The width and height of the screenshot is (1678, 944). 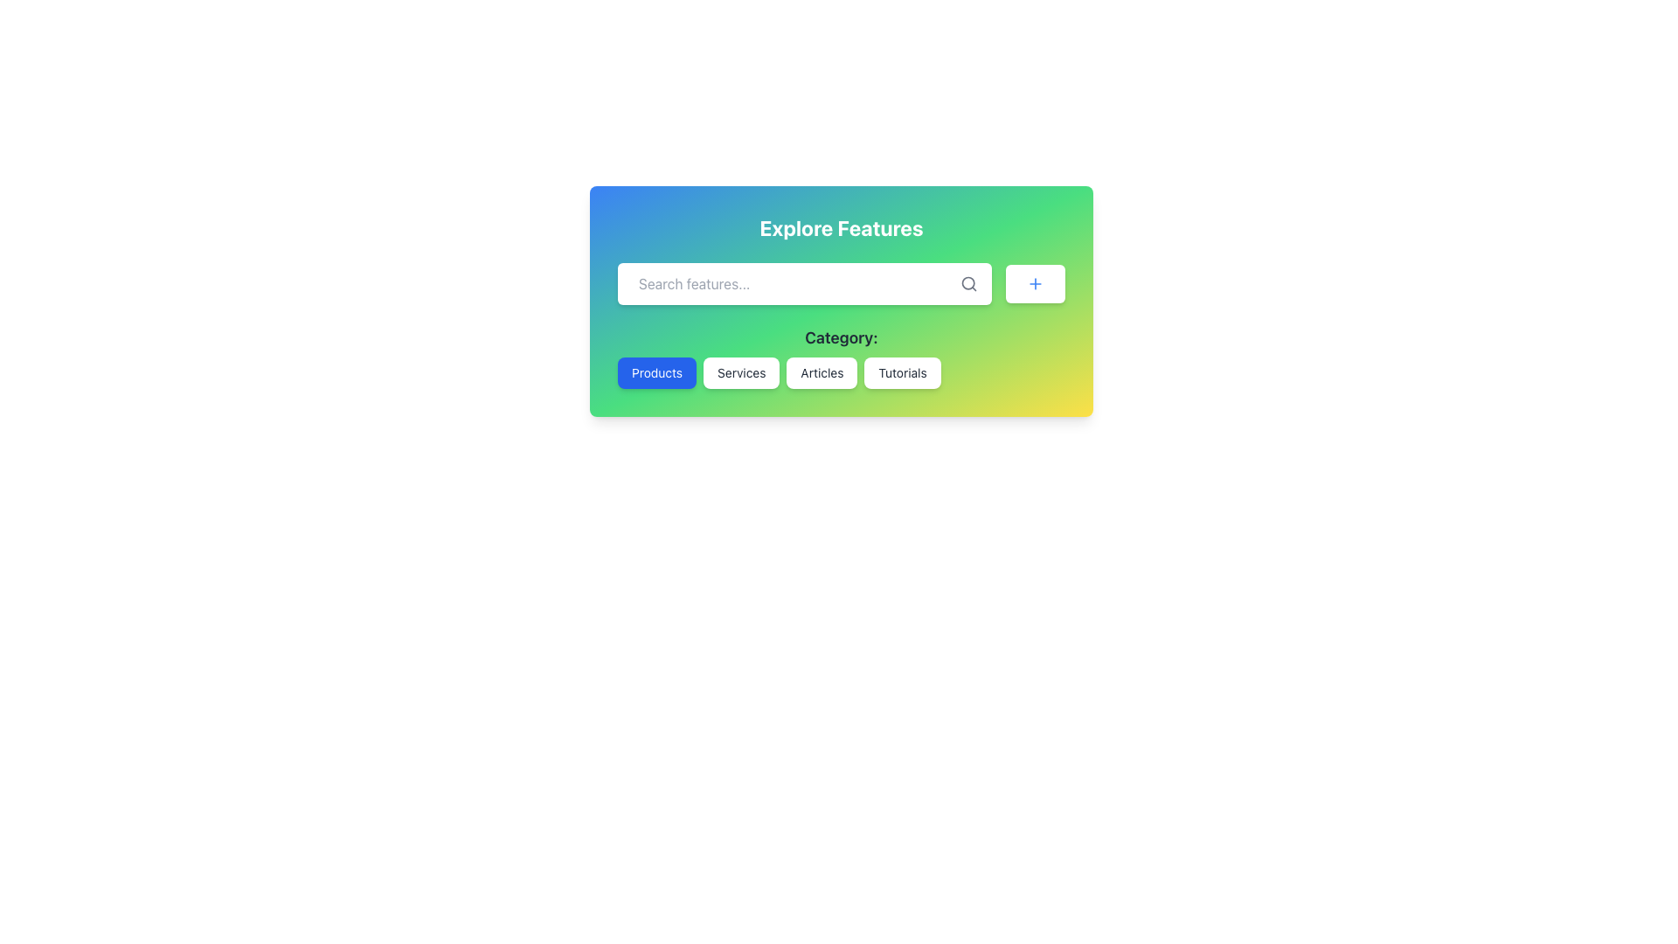 I want to click on the button with rounded corners featuring a white background and blue text, located on the right side of the search bar in the 'Explore Features' panel, so click(x=1036, y=282).